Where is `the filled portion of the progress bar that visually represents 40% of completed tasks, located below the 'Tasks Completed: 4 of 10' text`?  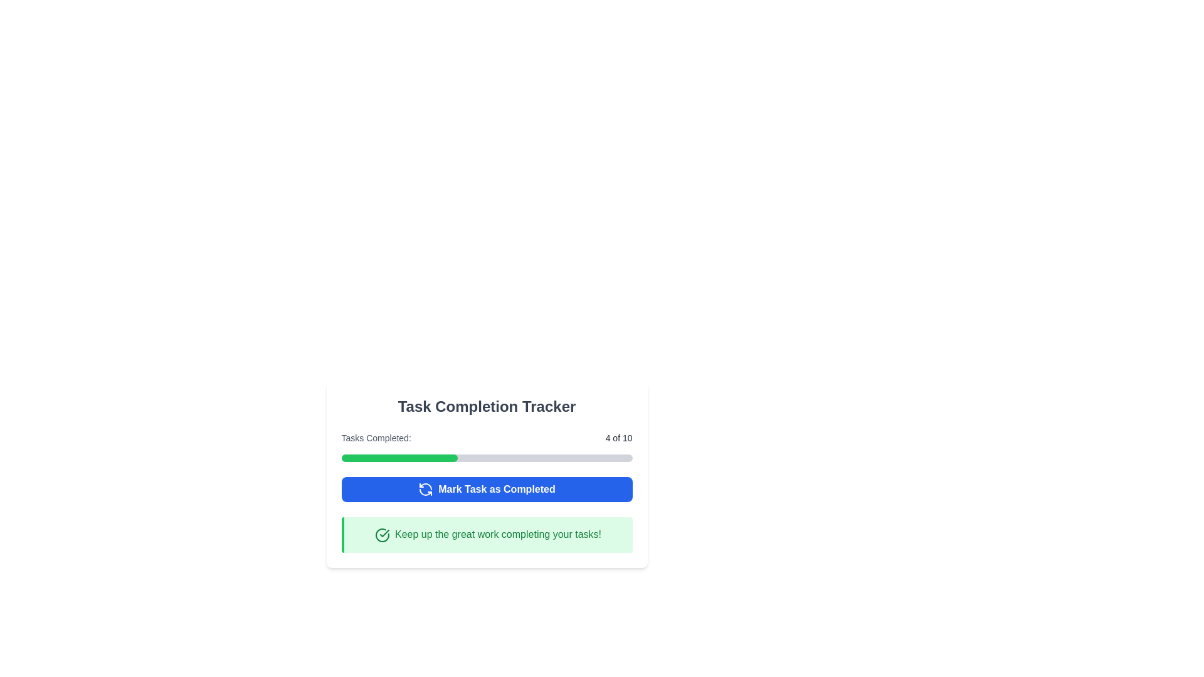
the filled portion of the progress bar that visually represents 40% of completed tasks, located below the 'Tasks Completed: 4 of 10' text is located at coordinates (399, 458).